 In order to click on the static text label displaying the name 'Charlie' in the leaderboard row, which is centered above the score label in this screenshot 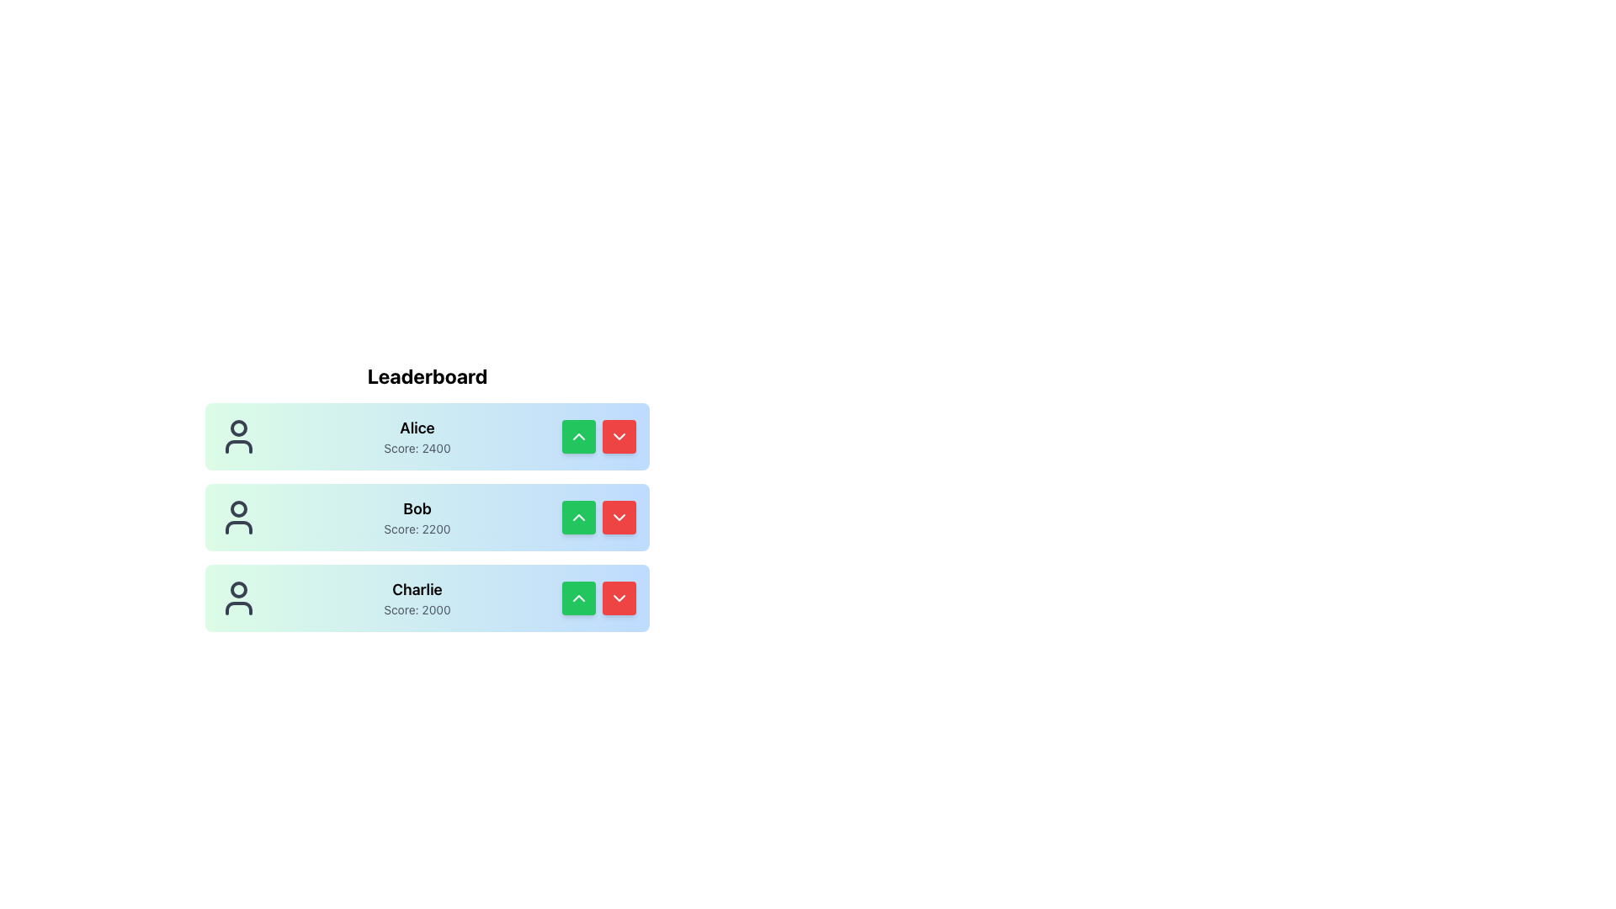, I will do `click(417, 589)`.